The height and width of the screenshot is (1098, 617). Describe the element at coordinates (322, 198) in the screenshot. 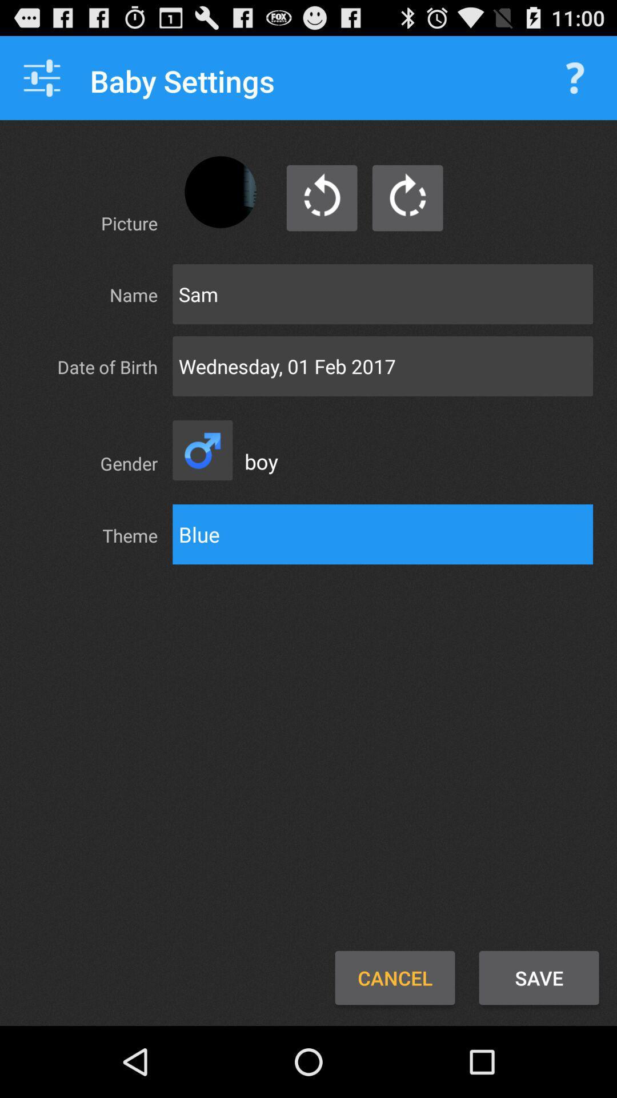

I see `refreshing option` at that location.